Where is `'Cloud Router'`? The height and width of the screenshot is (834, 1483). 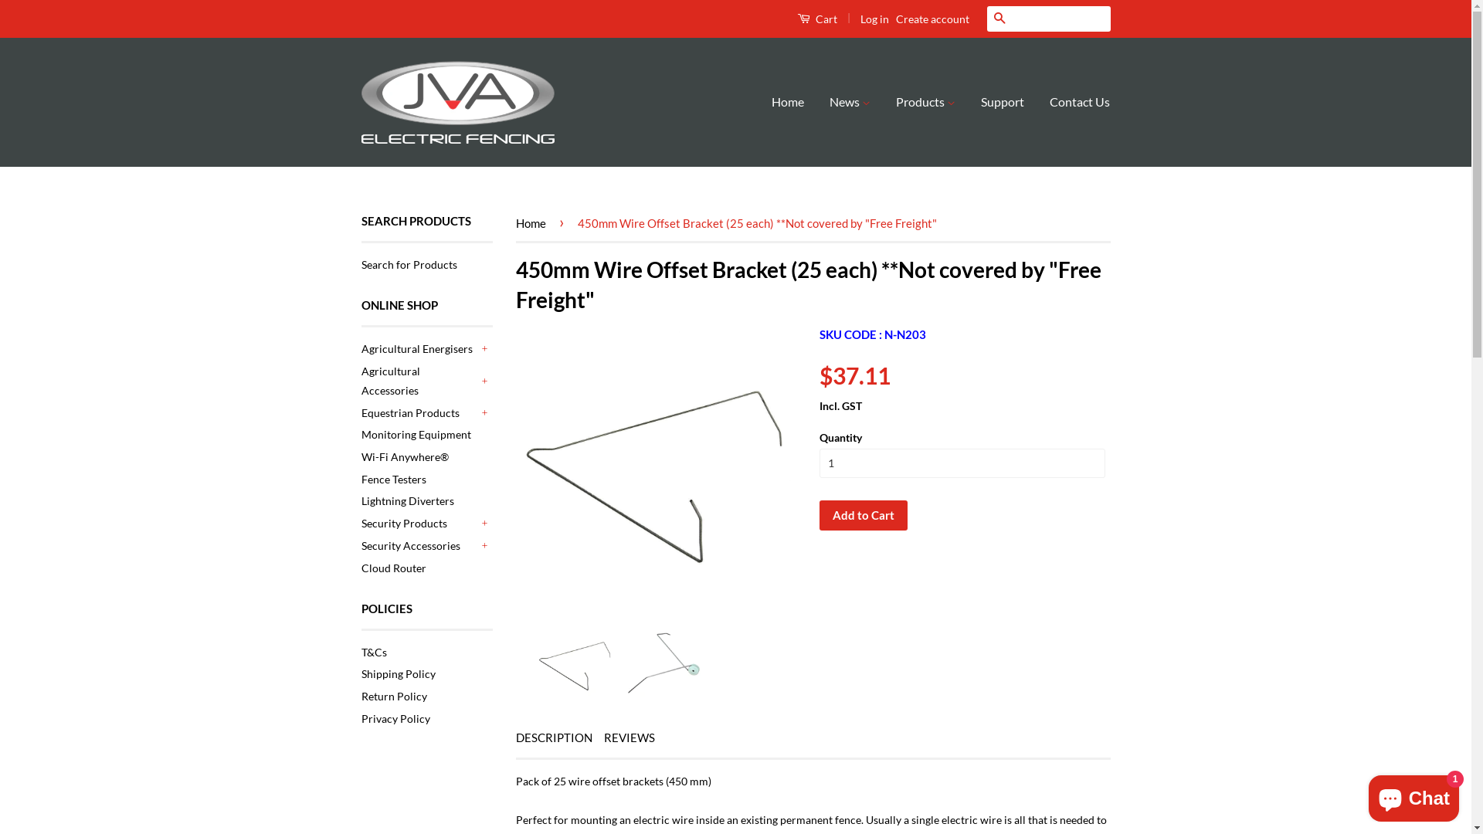 'Cloud Router' is located at coordinates (393, 567).